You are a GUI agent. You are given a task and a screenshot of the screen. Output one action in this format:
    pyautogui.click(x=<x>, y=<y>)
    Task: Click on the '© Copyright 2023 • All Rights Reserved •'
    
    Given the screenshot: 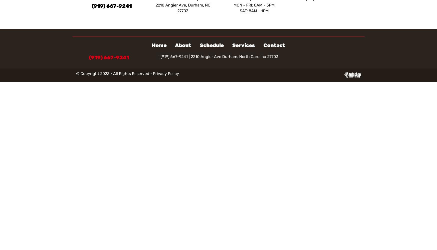 What is the action you would take?
    pyautogui.click(x=114, y=73)
    